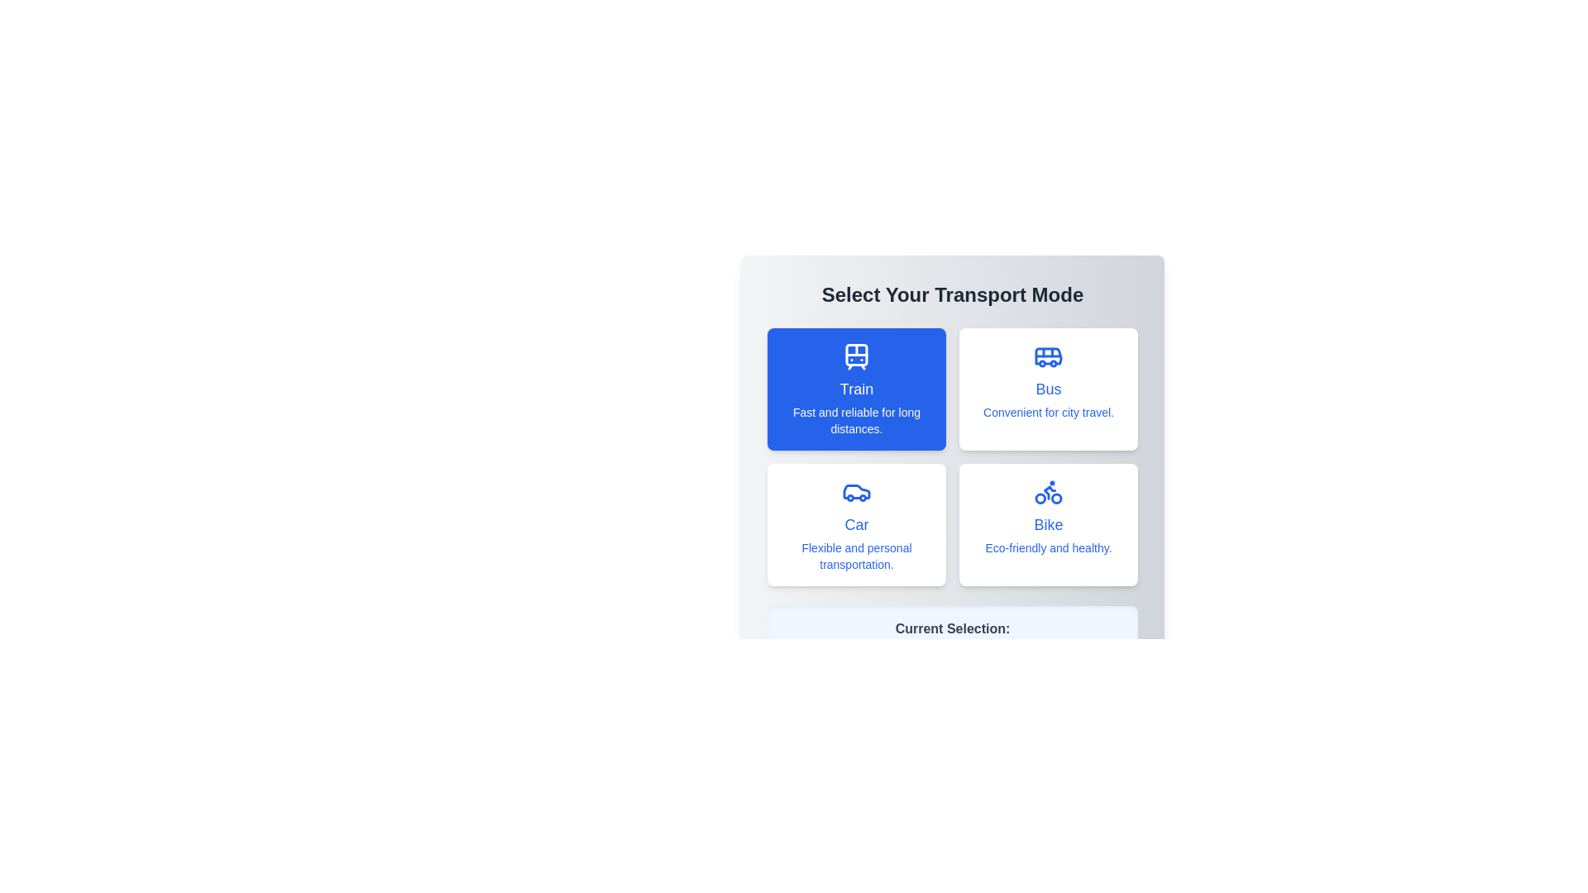 This screenshot has height=893, width=1588. Describe the element at coordinates (857, 525) in the screenshot. I see `the transport mode Car by clicking on its button` at that location.